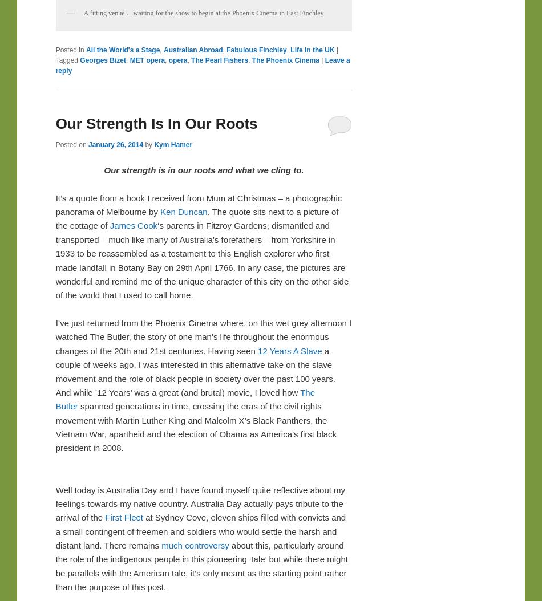  Describe the element at coordinates (196, 218) in the screenshot. I see `'. The quote sits next to a picture of the cottage of'` at that location.